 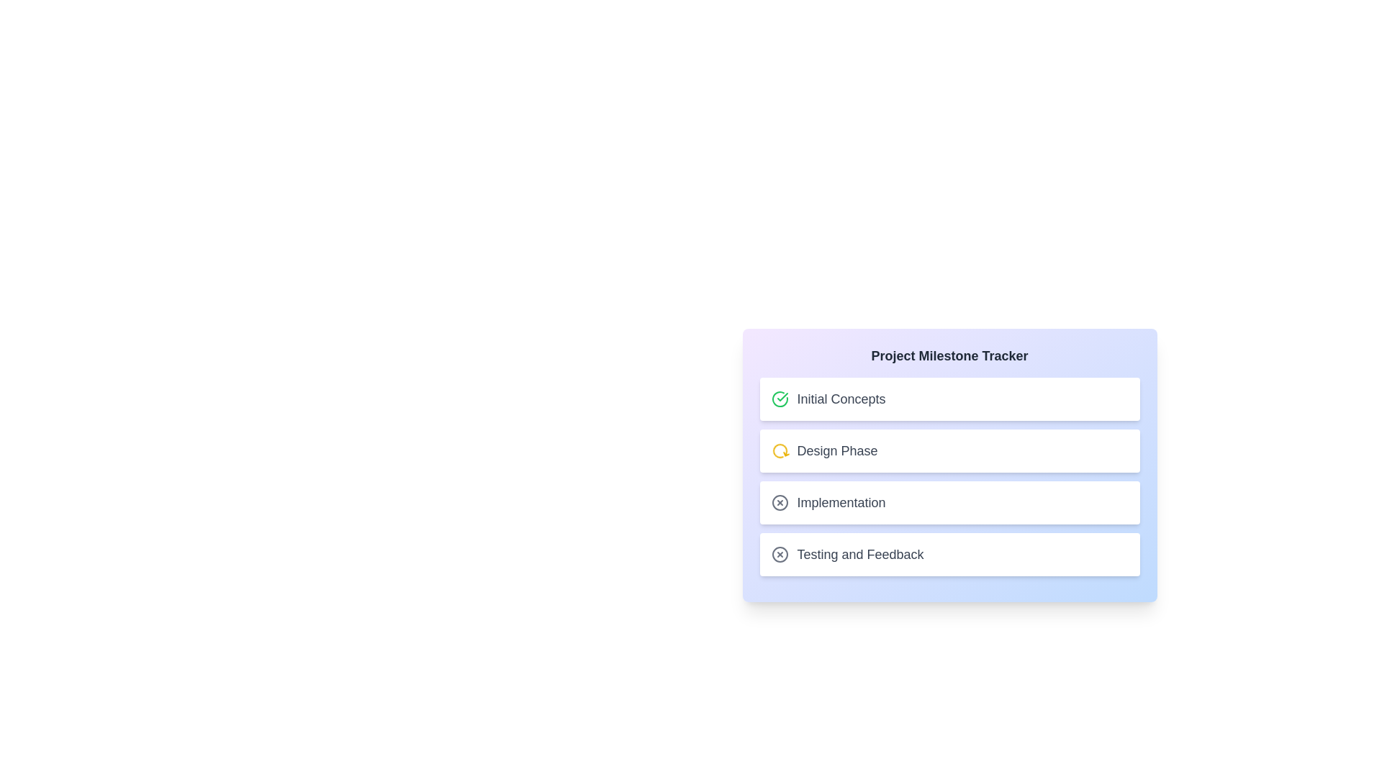 What do you see at coordinates (841, 501) in the screenshot?
I see `the 'Implementation' Text Label element in the milestone tracker for accessibility tools` at bounding box center [841, 501].